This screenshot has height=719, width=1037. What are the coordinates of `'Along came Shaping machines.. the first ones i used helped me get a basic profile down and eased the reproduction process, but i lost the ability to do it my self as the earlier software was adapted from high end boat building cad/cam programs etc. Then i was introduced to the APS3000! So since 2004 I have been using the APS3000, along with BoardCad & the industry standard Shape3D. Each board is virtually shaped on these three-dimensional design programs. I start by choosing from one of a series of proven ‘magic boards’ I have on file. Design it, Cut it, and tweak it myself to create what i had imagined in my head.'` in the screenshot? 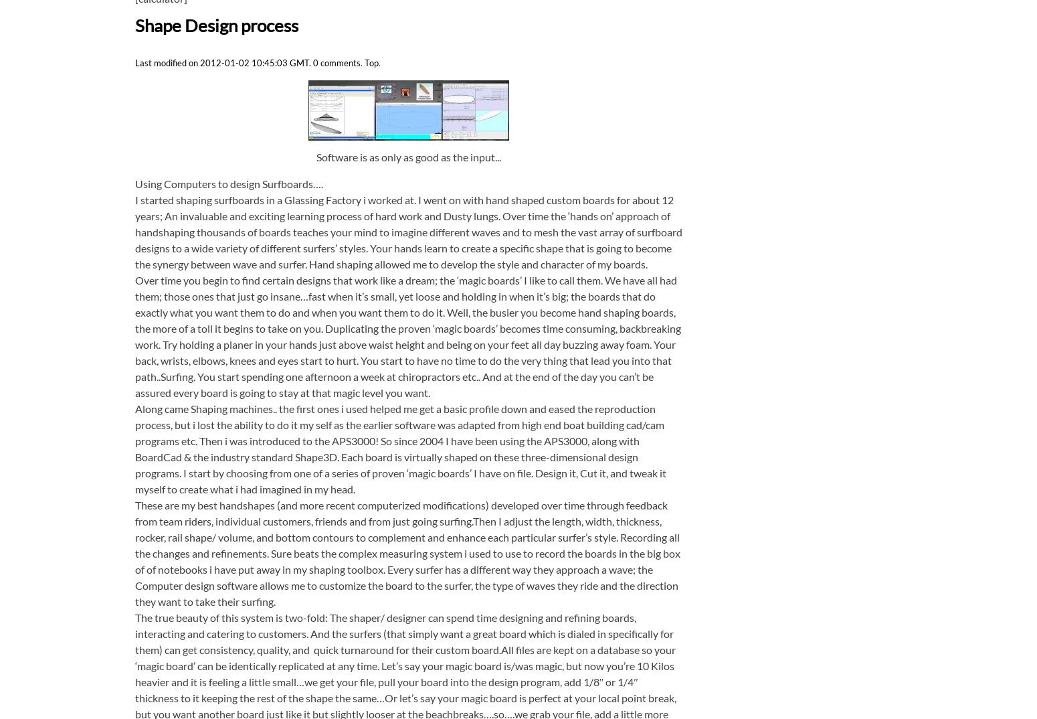 It's located at (399, 447).